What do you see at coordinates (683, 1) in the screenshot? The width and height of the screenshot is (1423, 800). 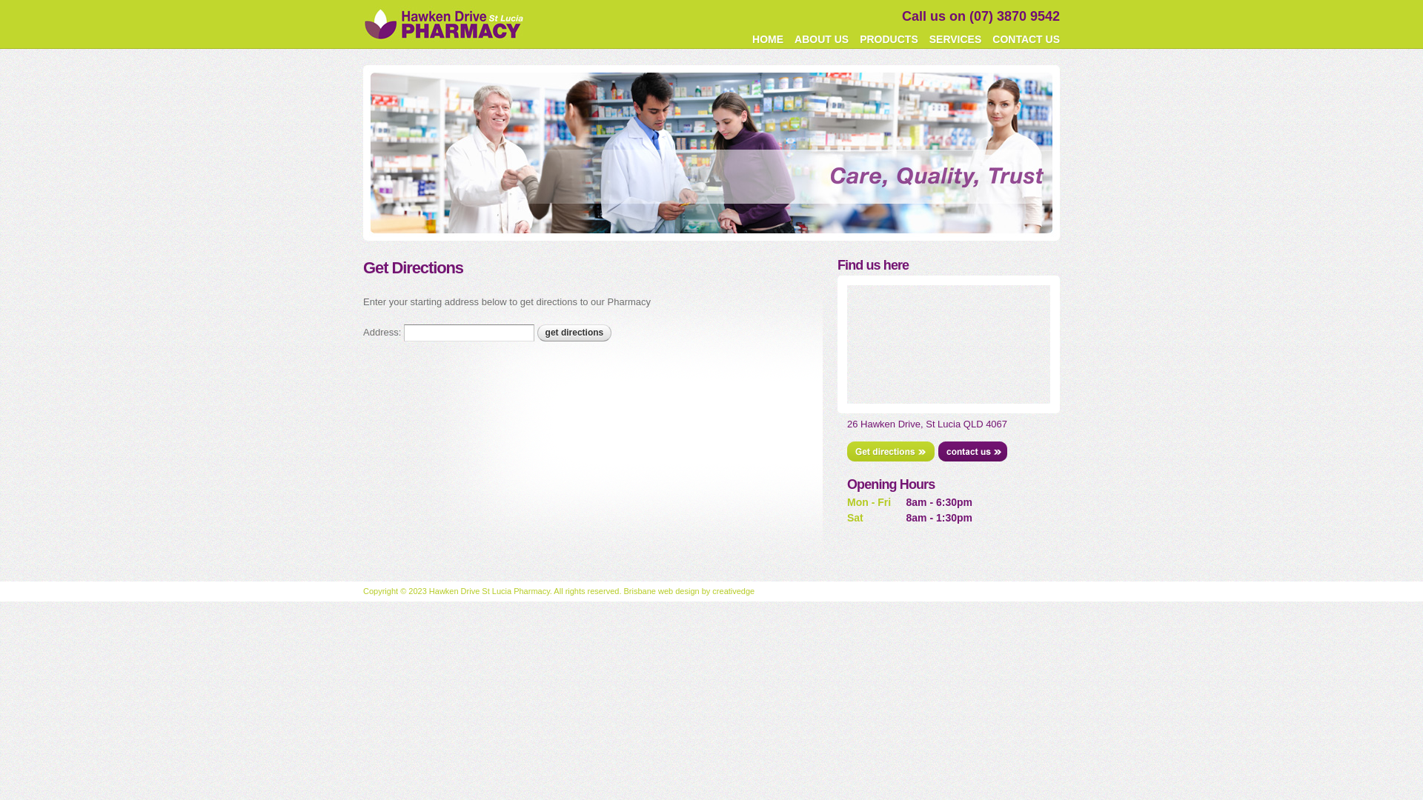 I see `'Skip to main content'` at bounding box center [683, 1].